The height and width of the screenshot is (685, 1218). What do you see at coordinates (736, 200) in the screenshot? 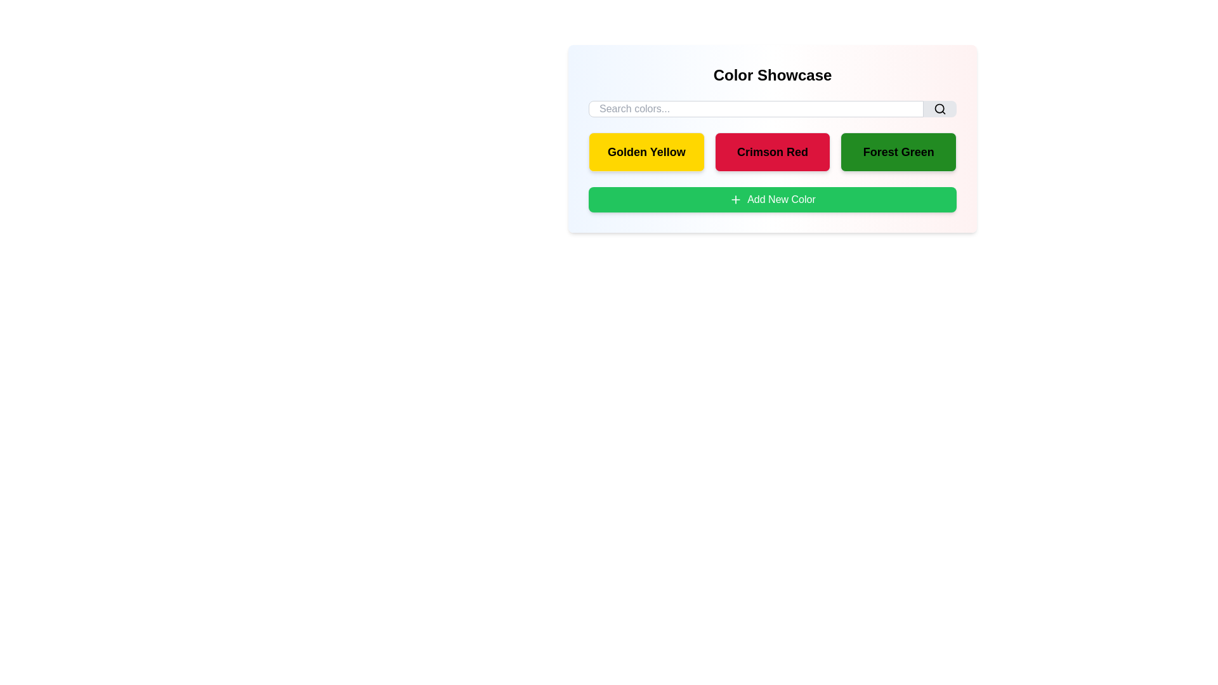
I see `the plus icon within the green button labeled 'Add New Color' to initiate the add action` at bounding box center [736, 200].